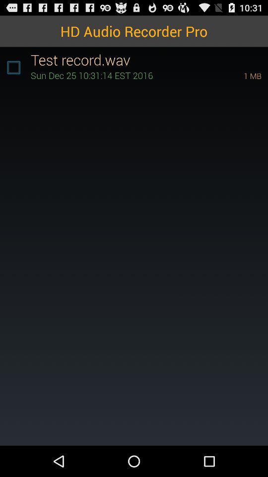  What do you see at coordinates (238, 75) in the screenshot?
I see `item below test record.wav item` at bounding box center [238, 75].